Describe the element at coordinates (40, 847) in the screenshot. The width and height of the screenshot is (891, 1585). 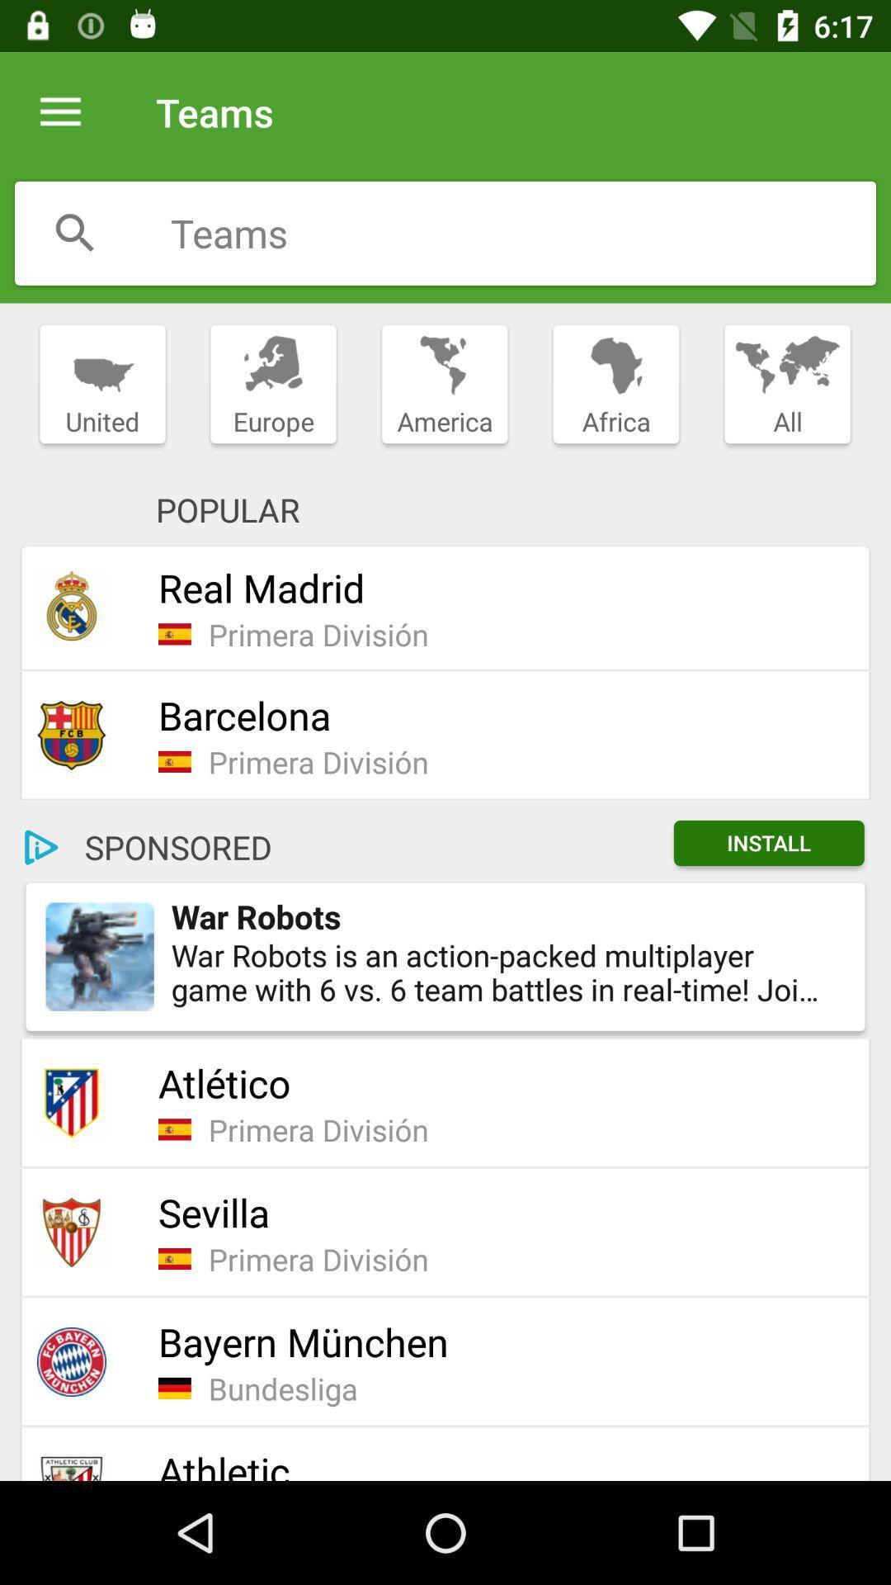
I see `item next to the sponsored item` at that location.